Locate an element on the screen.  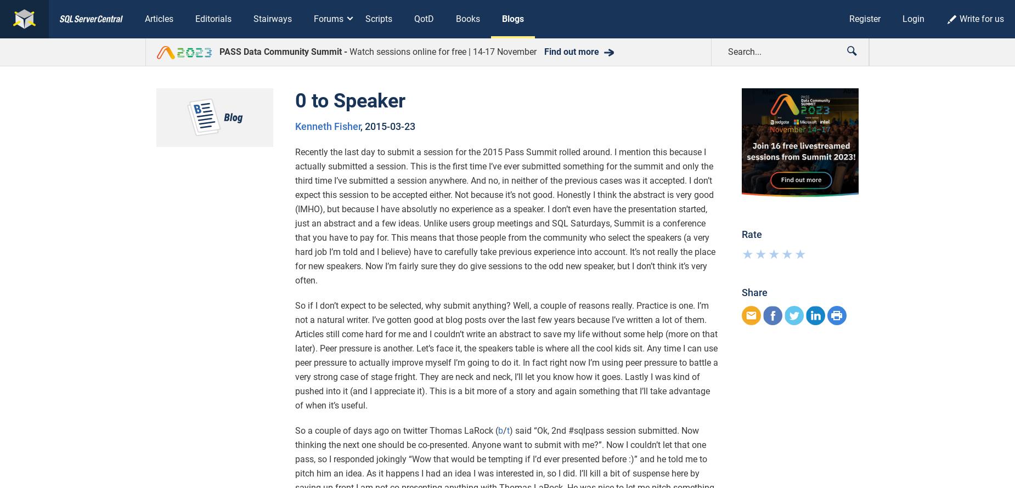
'by' is located at coordinates (300, 451).